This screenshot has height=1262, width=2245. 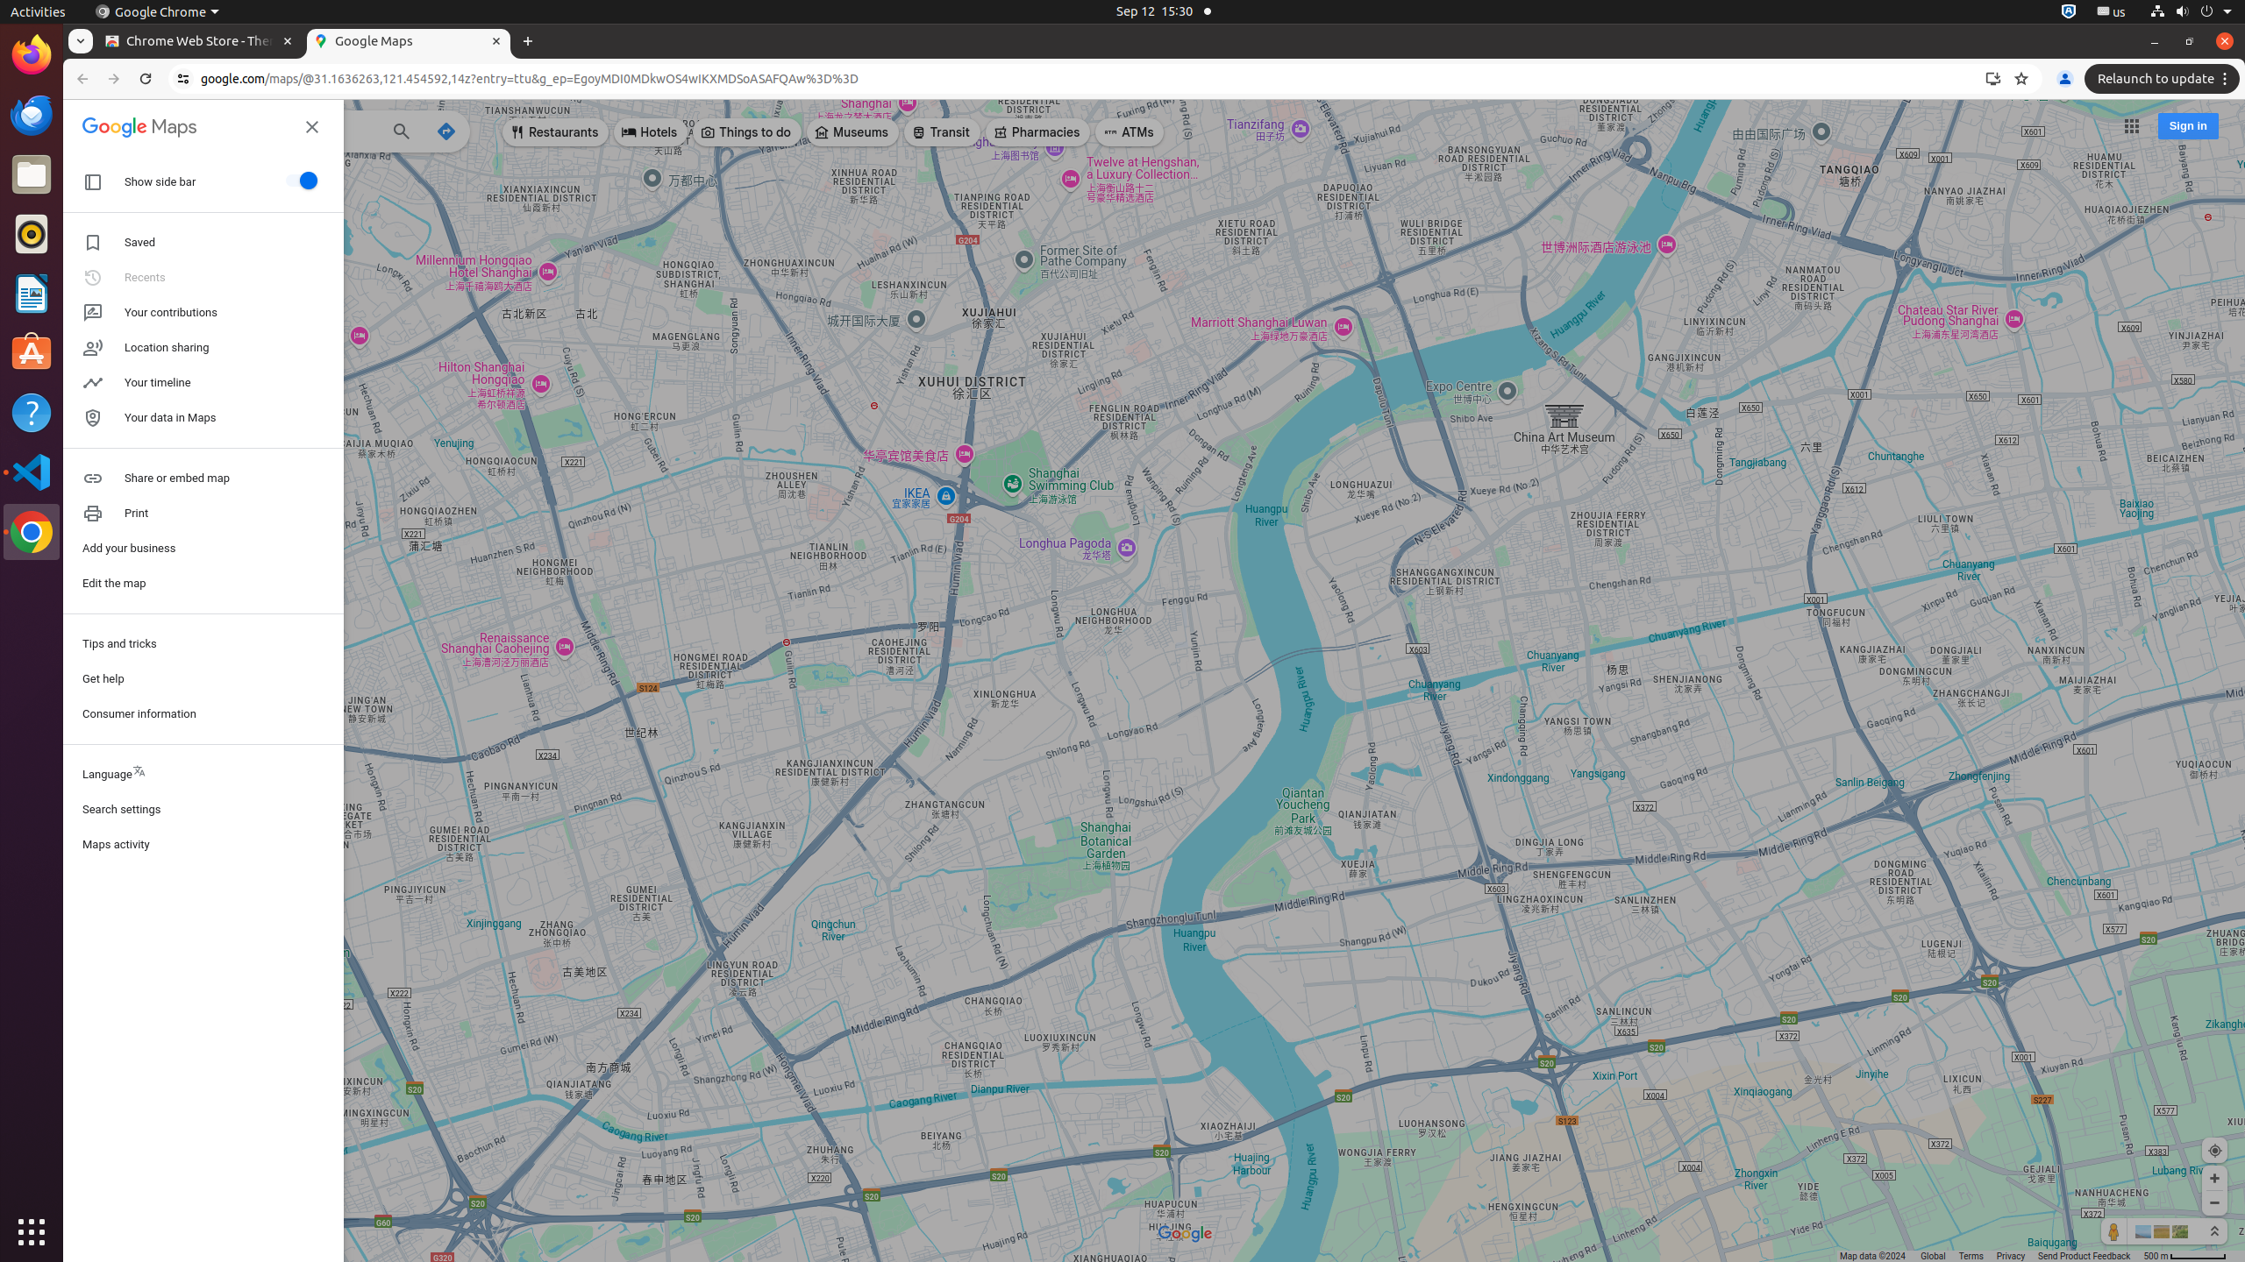 I want to click on 'Terms', so click(x=1970, y=1255).